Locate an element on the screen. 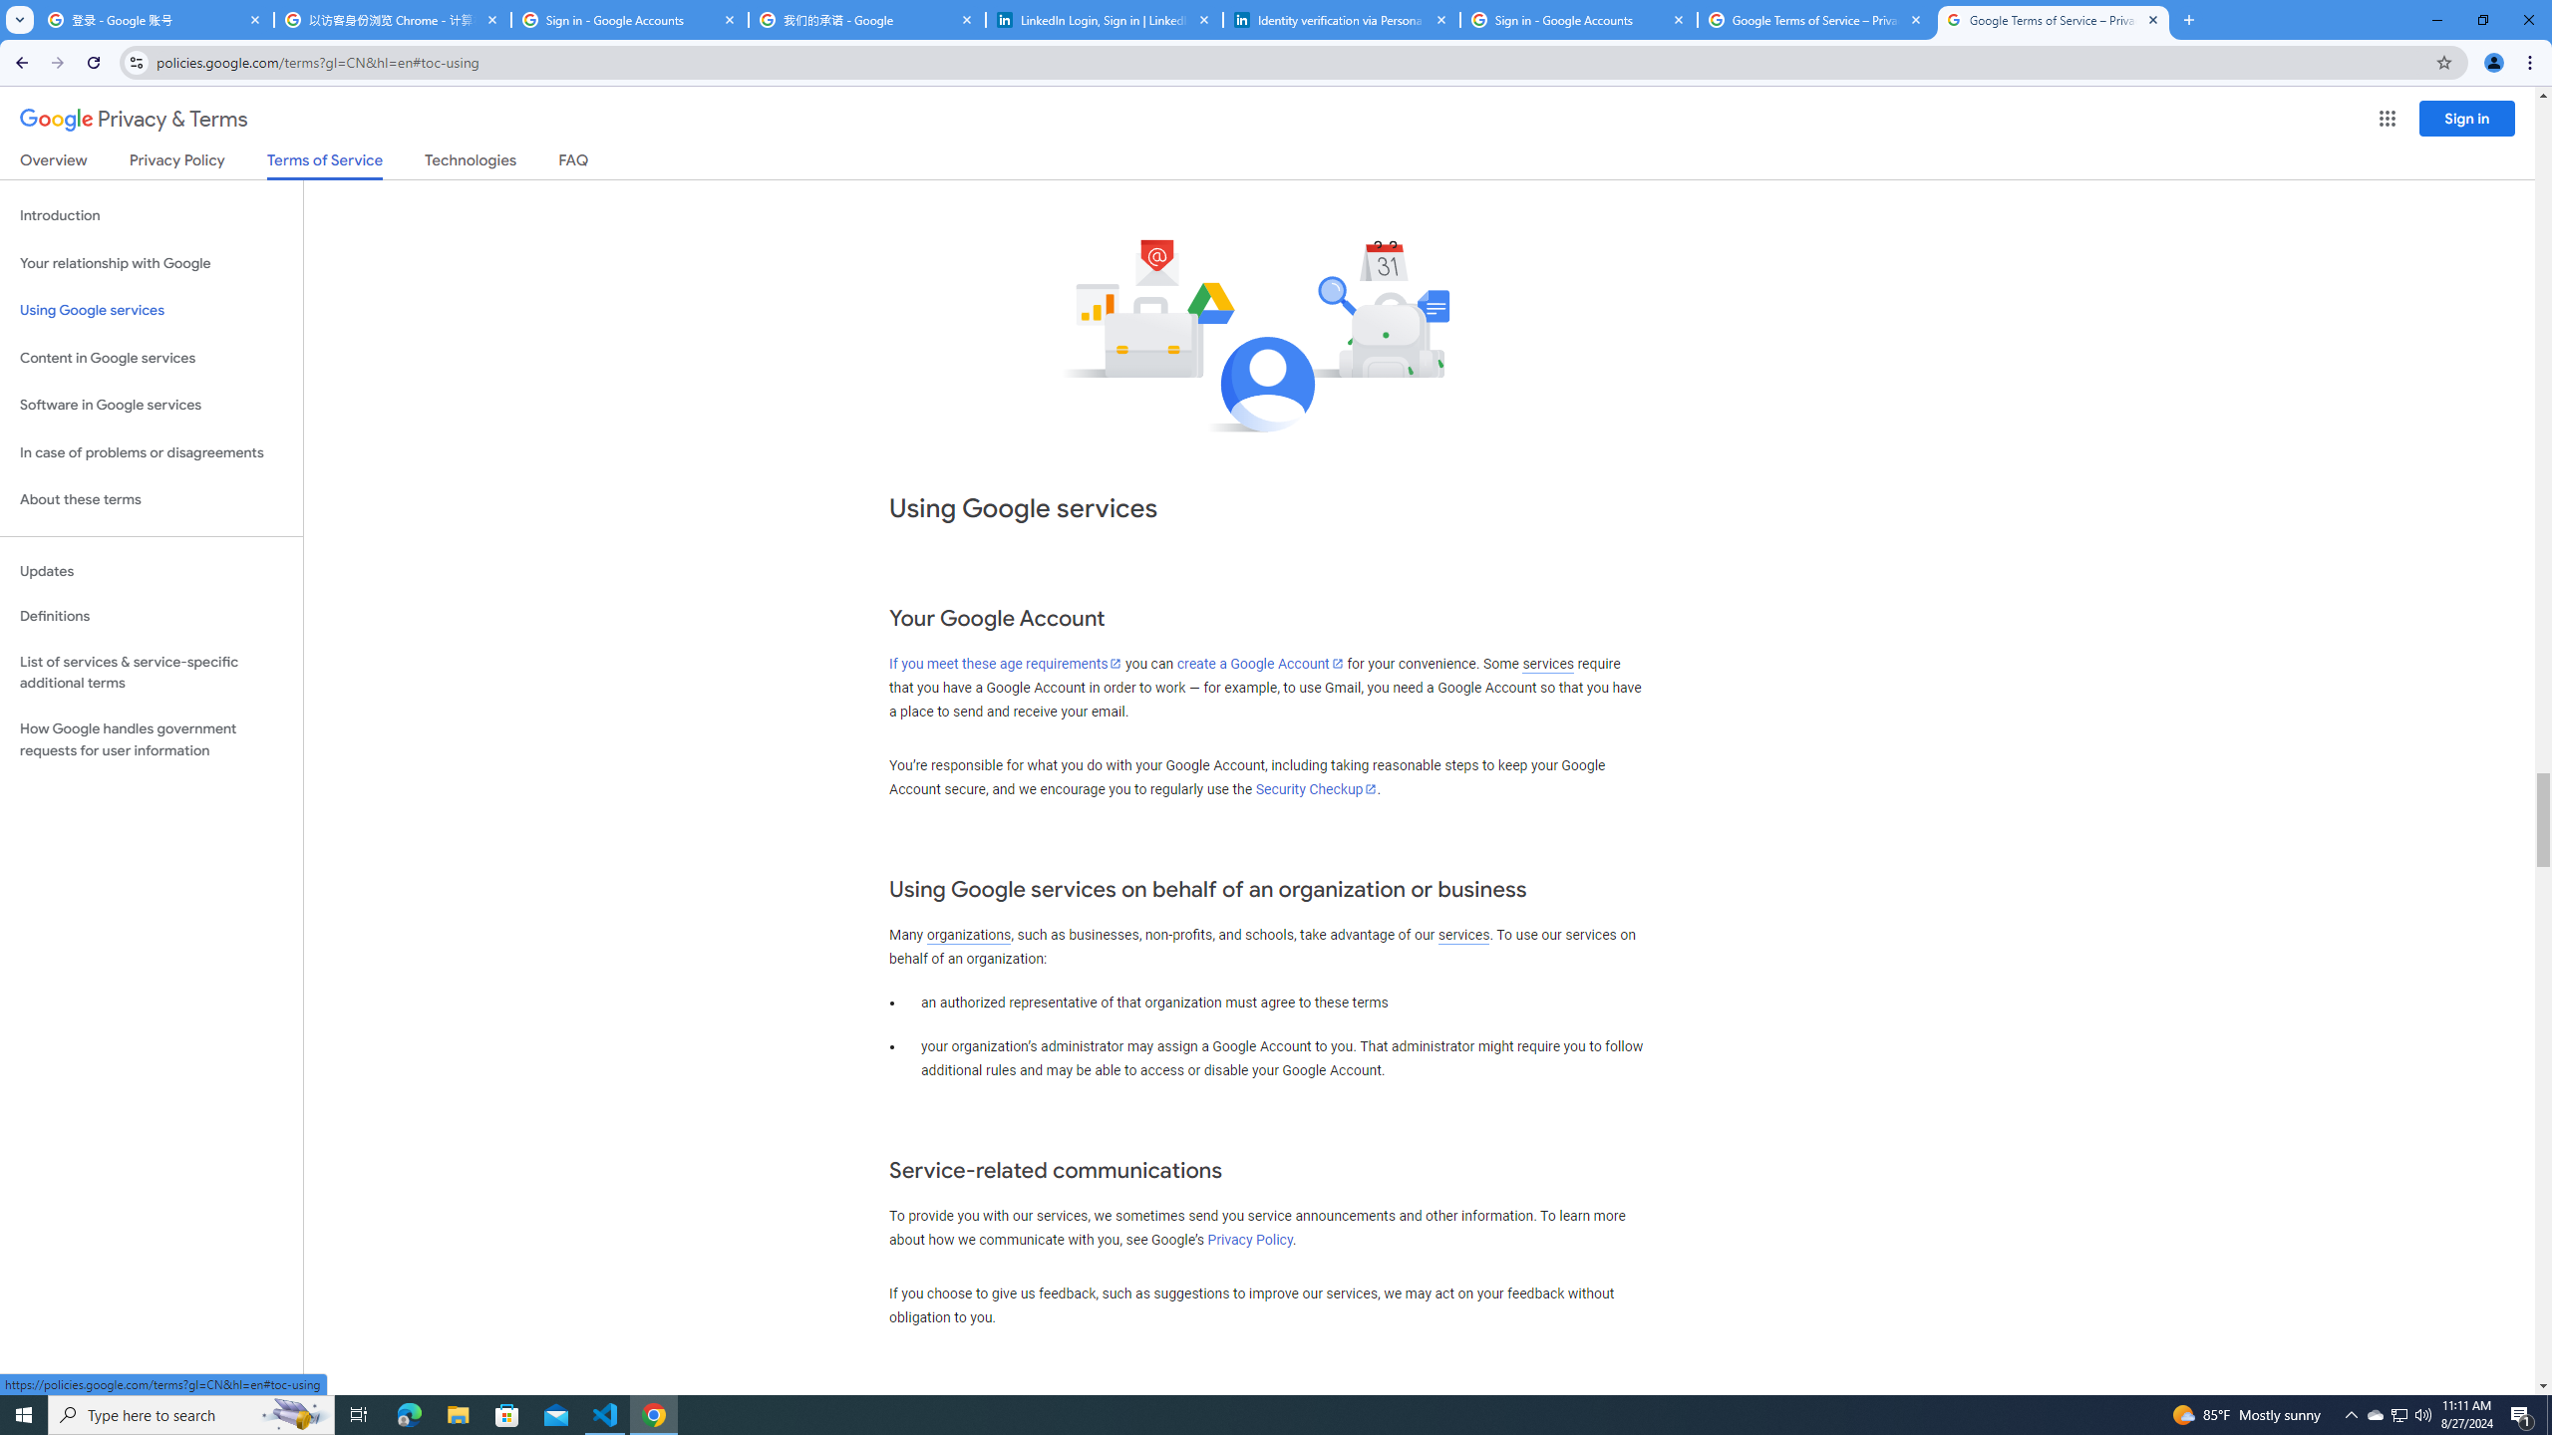  'List of services & service-specific additional terms' is located at coordinates (151, 672).